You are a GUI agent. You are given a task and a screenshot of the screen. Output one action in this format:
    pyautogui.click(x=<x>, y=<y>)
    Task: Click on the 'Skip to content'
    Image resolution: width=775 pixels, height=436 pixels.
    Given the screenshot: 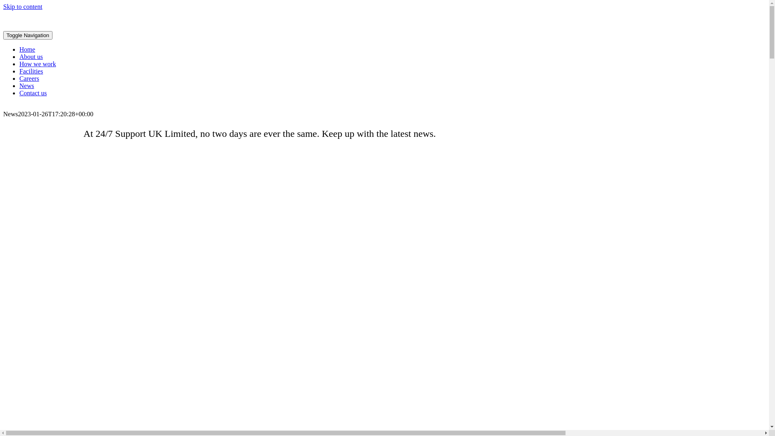 What is the action you would take?
    pyautogui.click(x=23, y=6)
    